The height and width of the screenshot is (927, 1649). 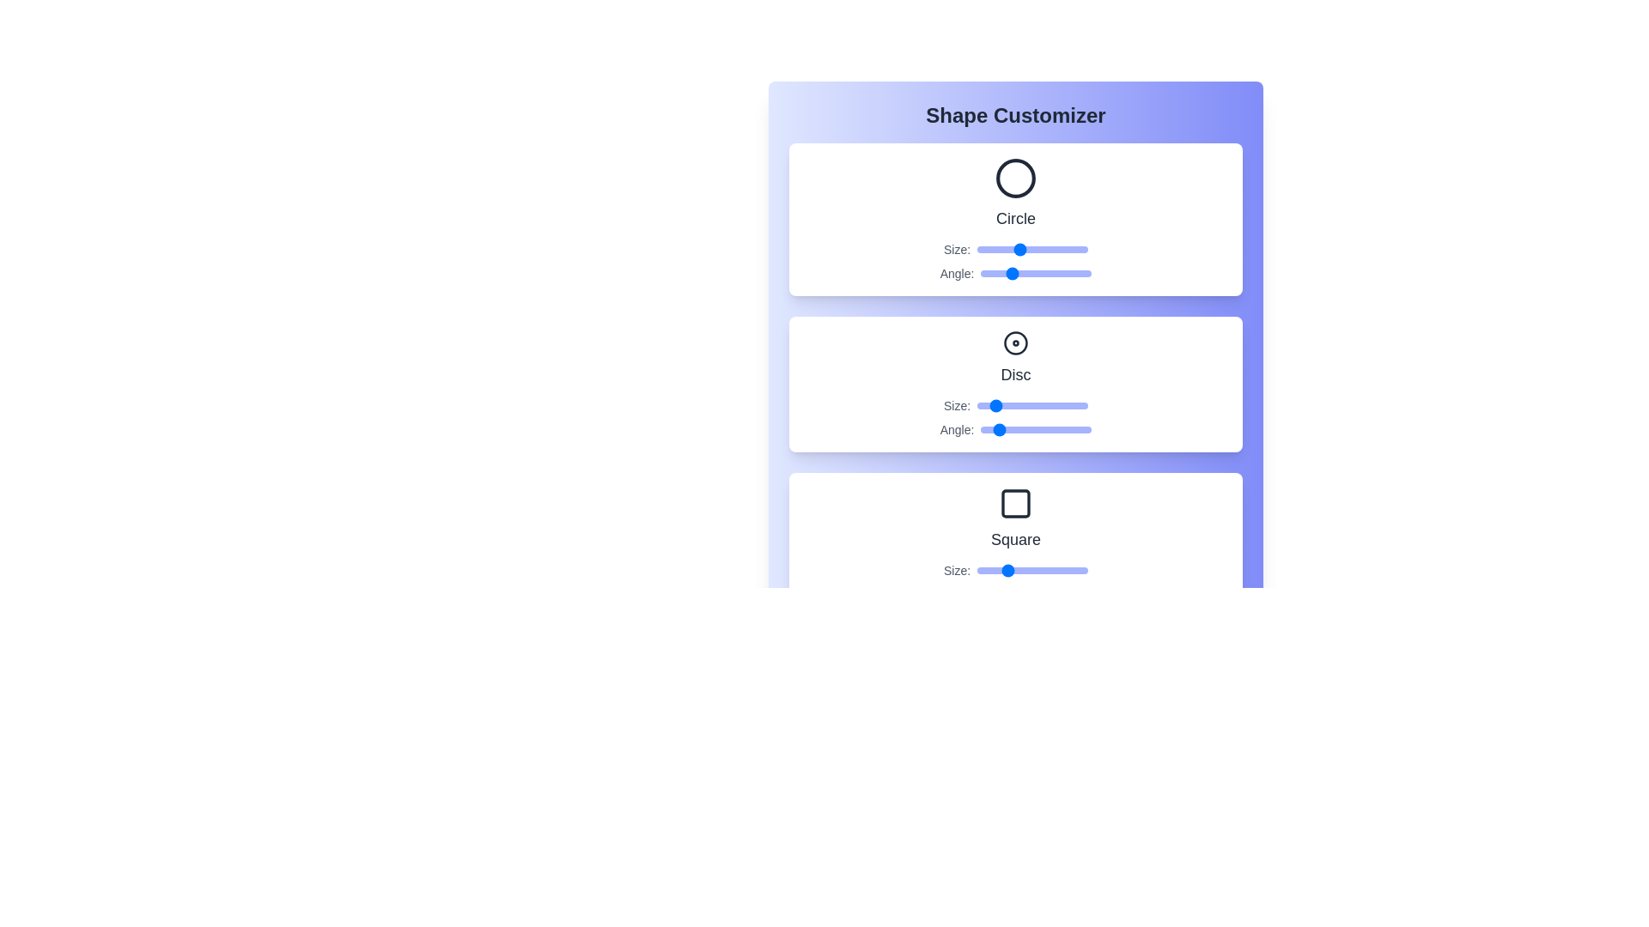 I want to click on the angle of the Disc shape to 255 degrees, so click(x=1058, y=429).